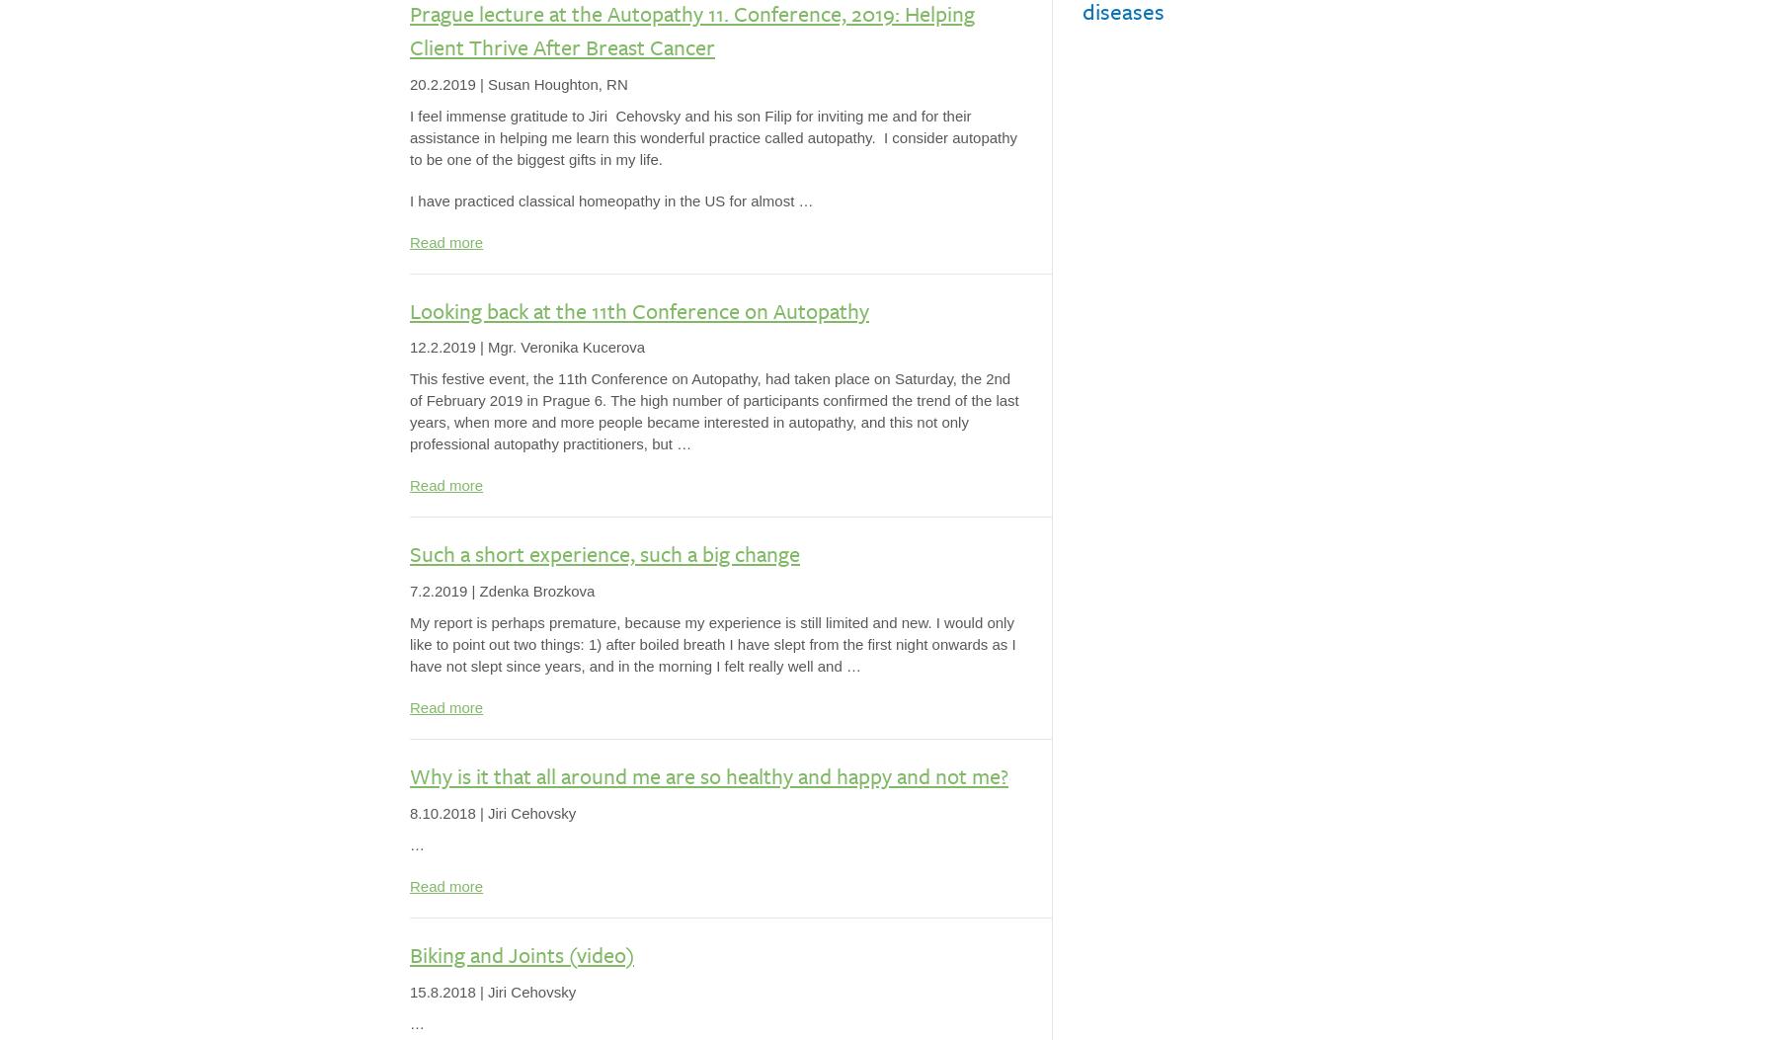 The image size is (1768, 1040). What do you see at coordinates (521, 953) in the screenshot?
I see `'Biking and Joints (video)'` at bounding box center [521, 953].